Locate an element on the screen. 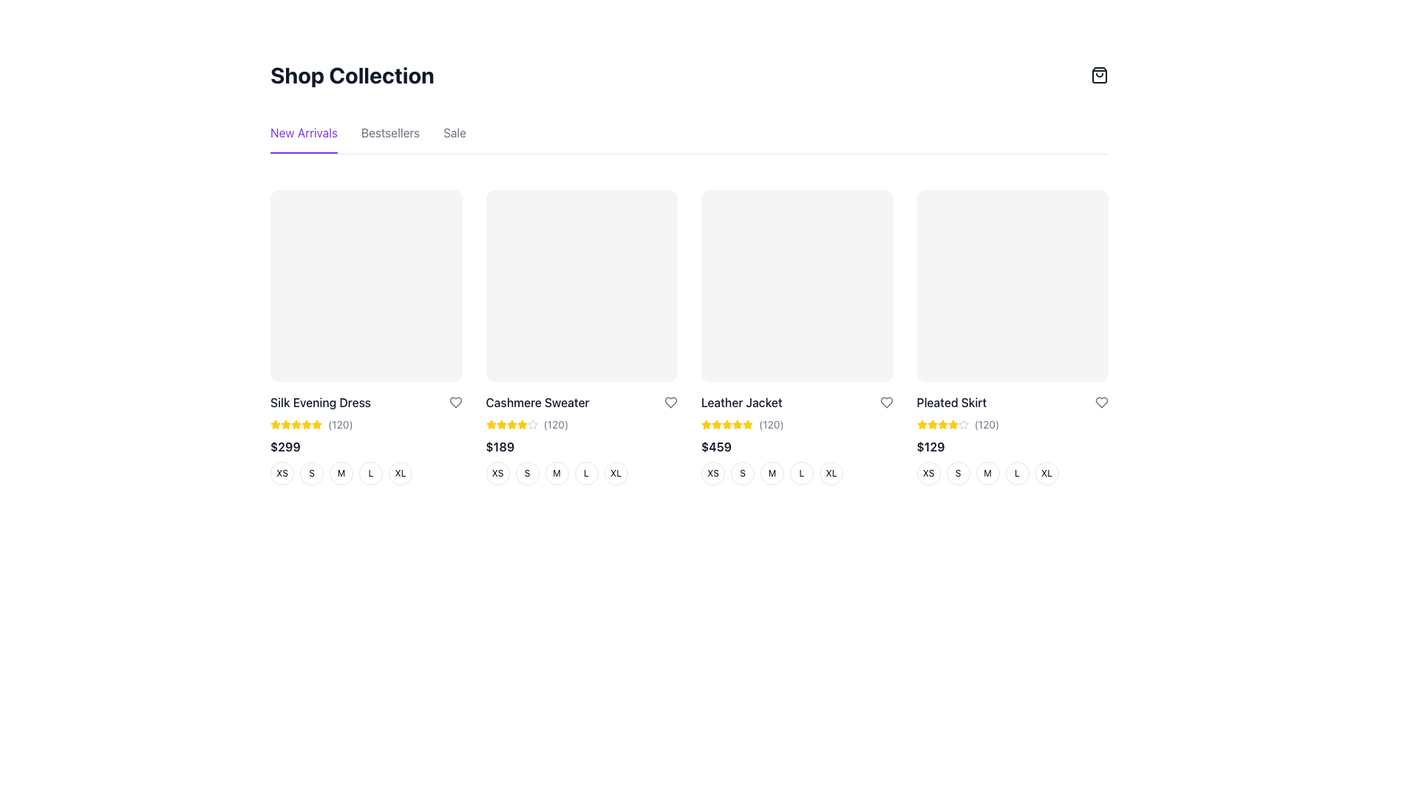 The height and width of the screenshot is (798, 1419). the size option button 'M' for the Pleated Skirt is located at coordinates (987, 473).